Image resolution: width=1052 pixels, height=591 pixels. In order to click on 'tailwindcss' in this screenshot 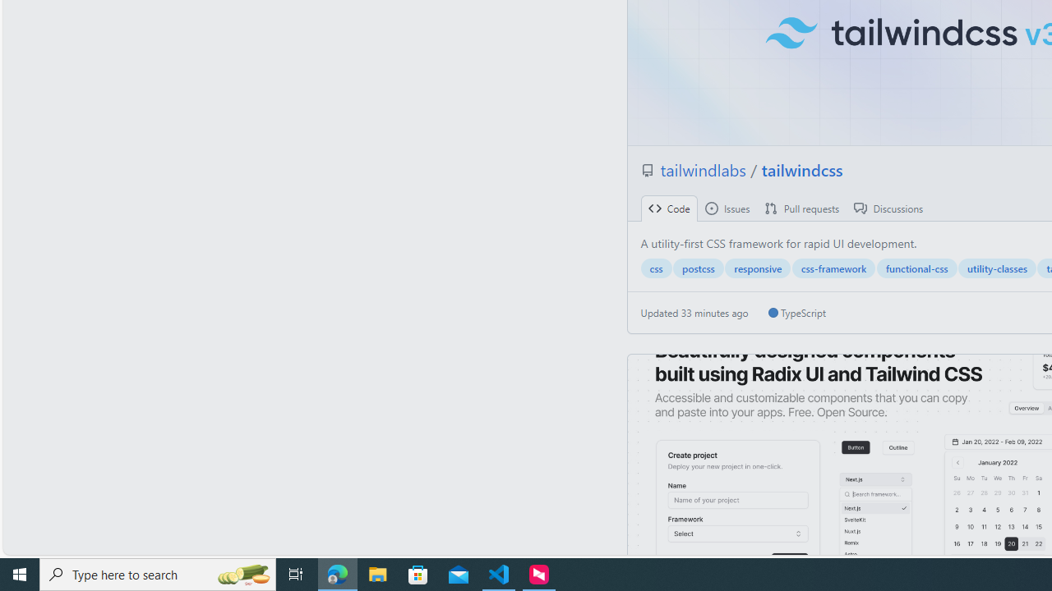, I will do `click(802, 169)`.